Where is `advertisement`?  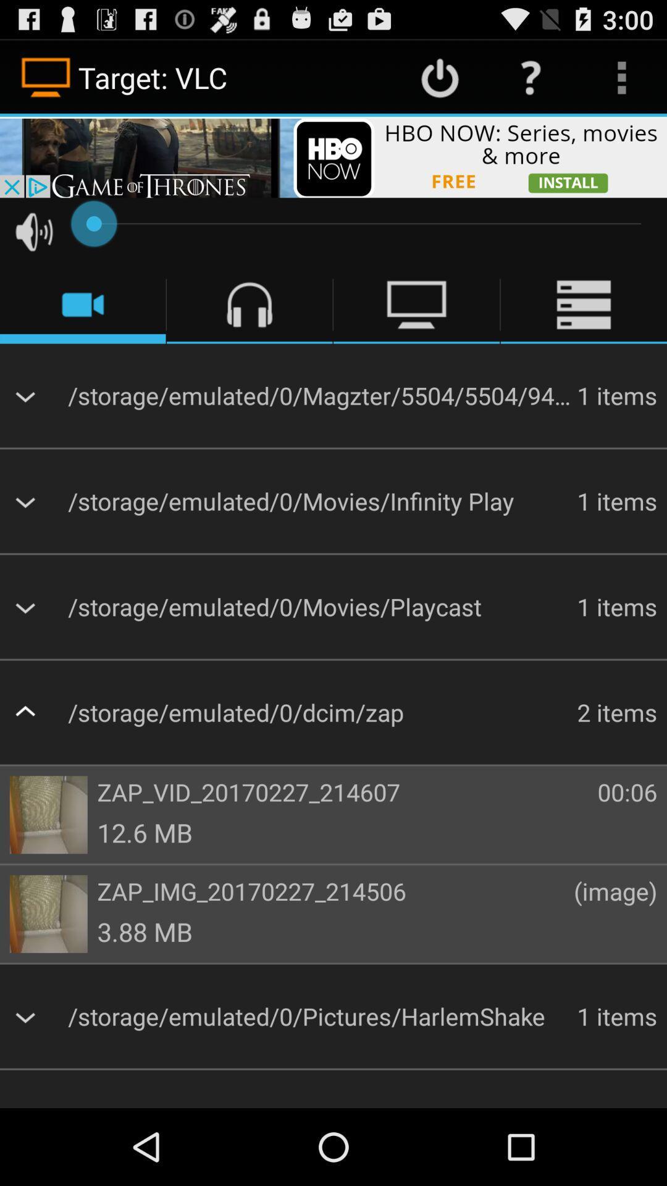 advertisement is located at coordinates (333, 156).